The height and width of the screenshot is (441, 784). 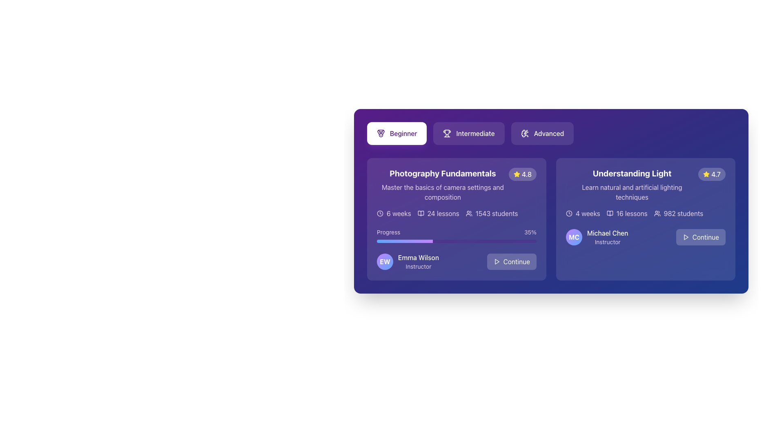 What do you see at coordinates (542, 133) in the screenshot?
I see `the rectangular button with rounded corners, a violet background, and the white text 'Advanced', located on the horizontal menu at the top center of the interface` at bounding box center [542, 133].